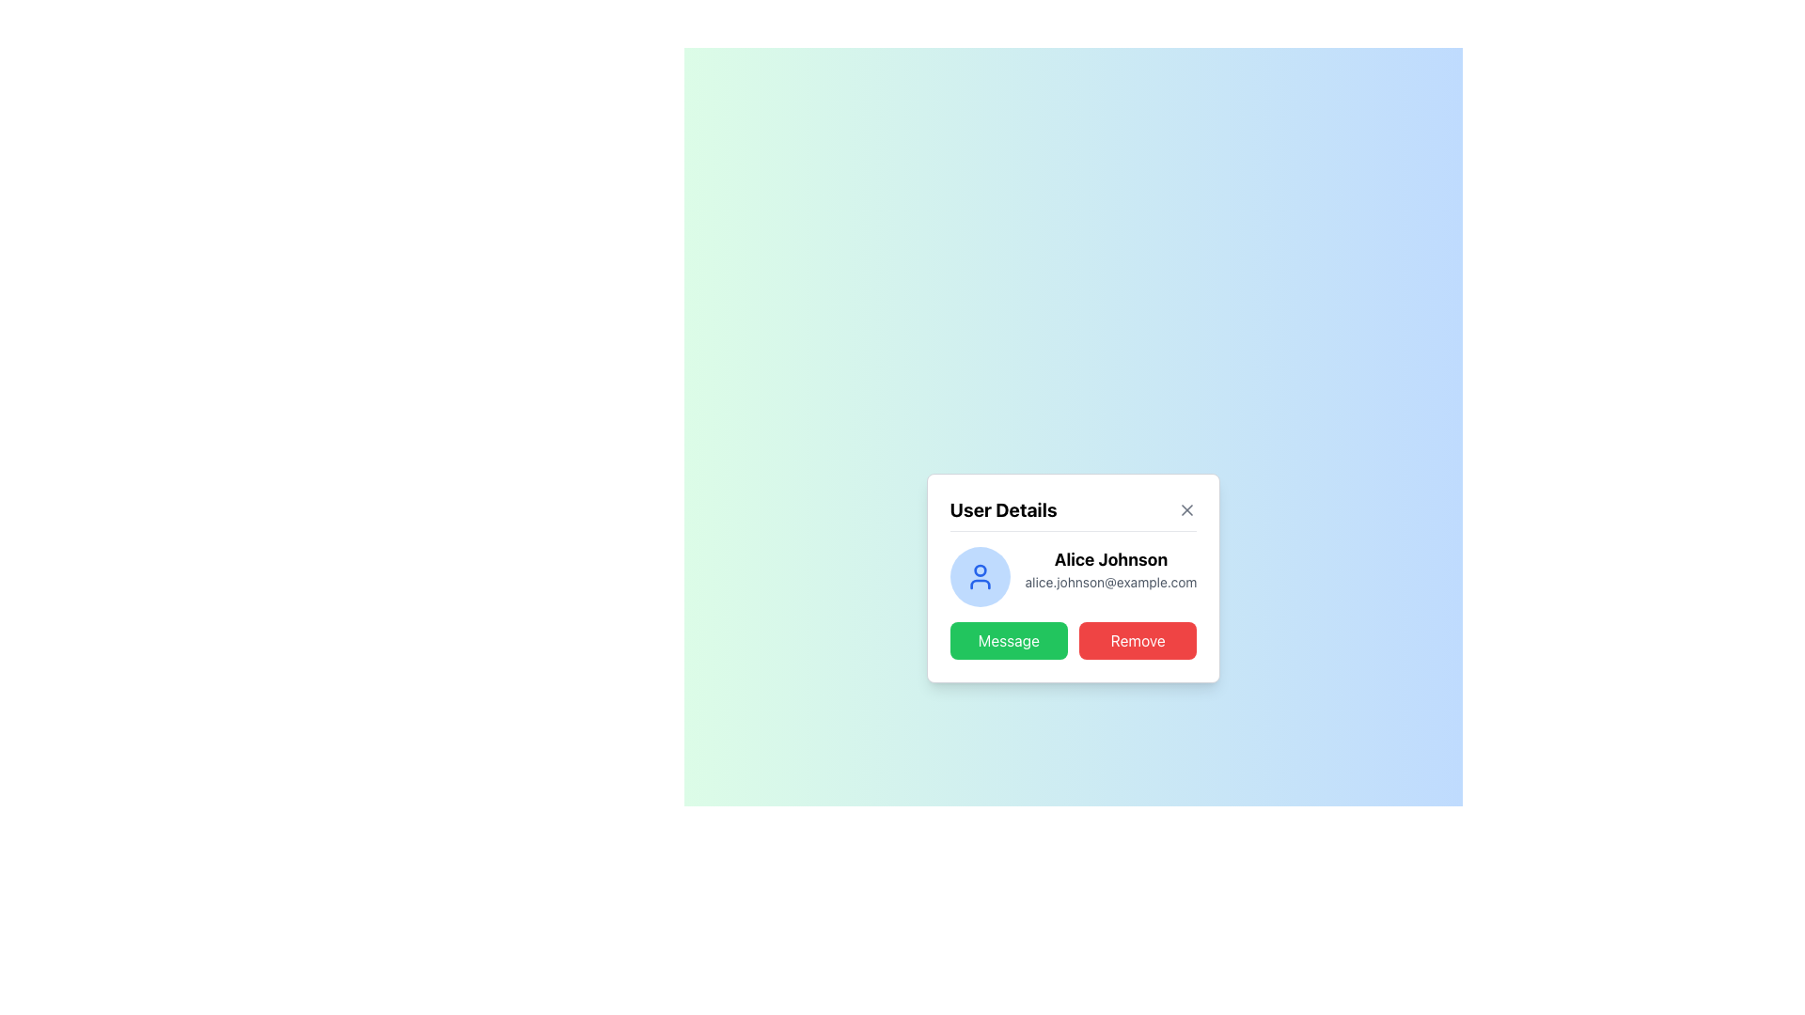 This screenshot has width=1805, height=1015. I want to click on the 'X' close icon located in the top-right corner of the 'User Details' dialog box, so click(1186, 509).